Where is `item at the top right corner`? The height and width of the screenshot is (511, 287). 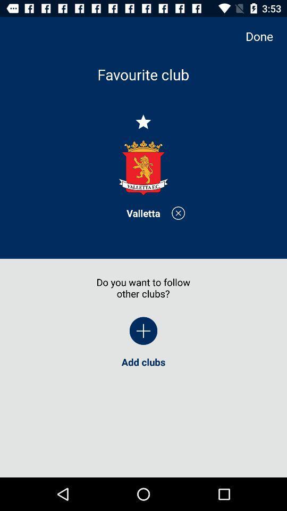 item at the top right corner is located at coordinates (264, 36).